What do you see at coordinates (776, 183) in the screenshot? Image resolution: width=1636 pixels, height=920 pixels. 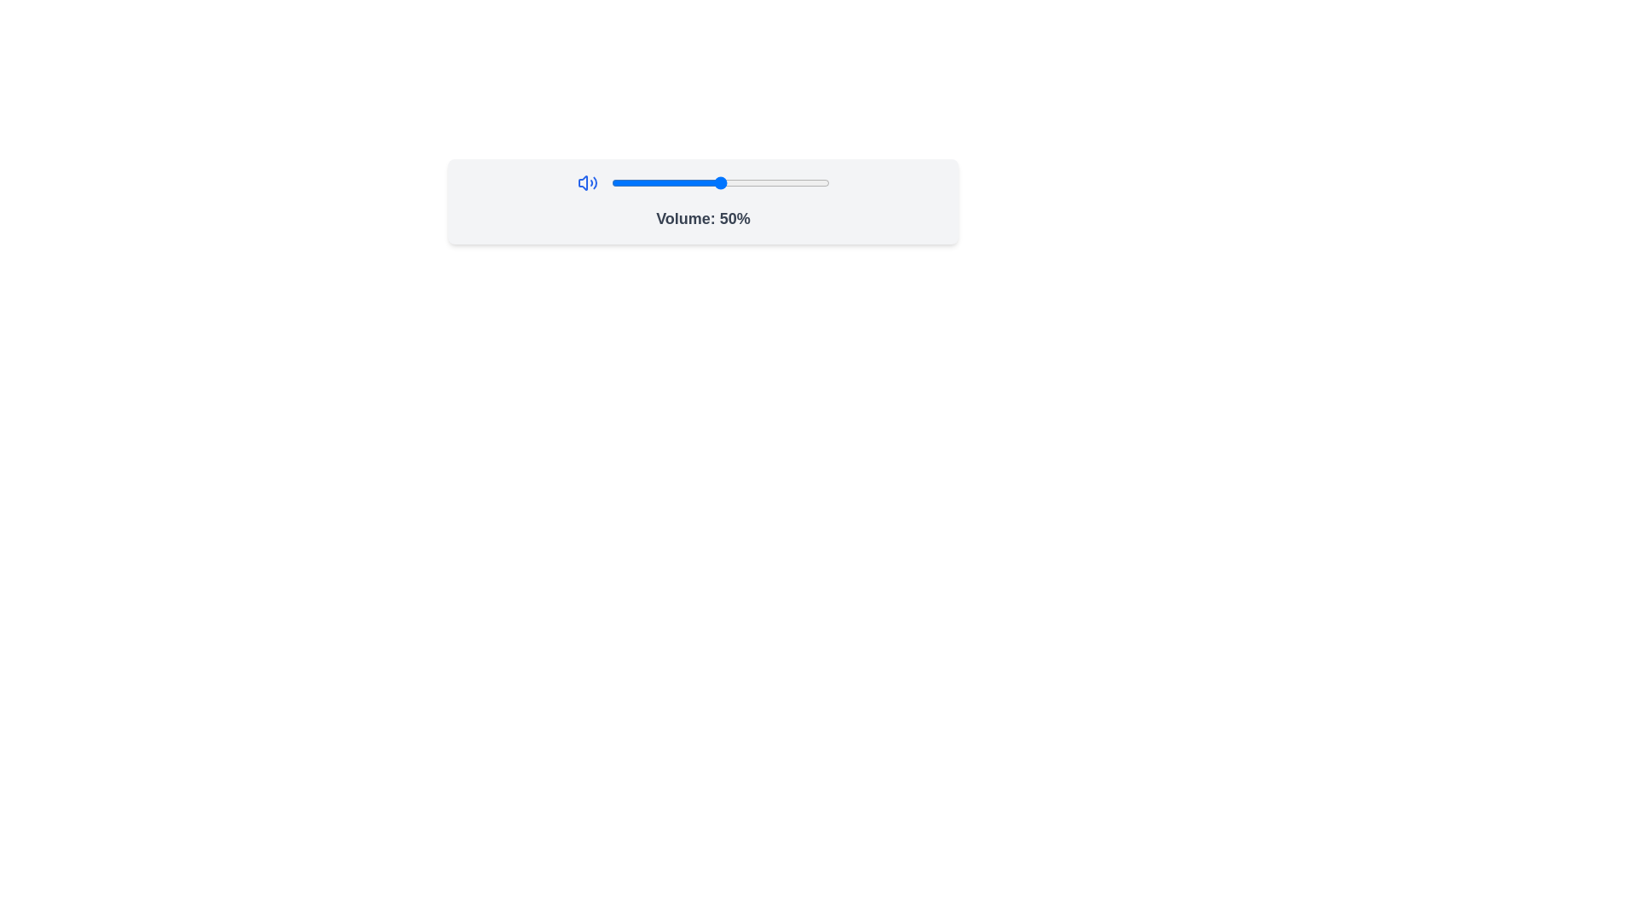 I see `the slider volume` at bounding box center [776, 183].